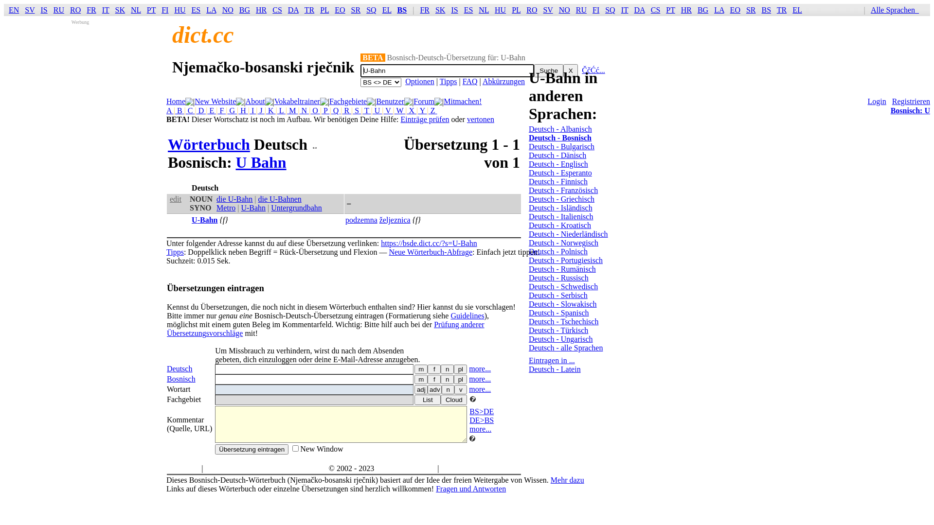 The image size is (934, 525). I want to click on 'Vokabeltrainer', so click(274, 101).